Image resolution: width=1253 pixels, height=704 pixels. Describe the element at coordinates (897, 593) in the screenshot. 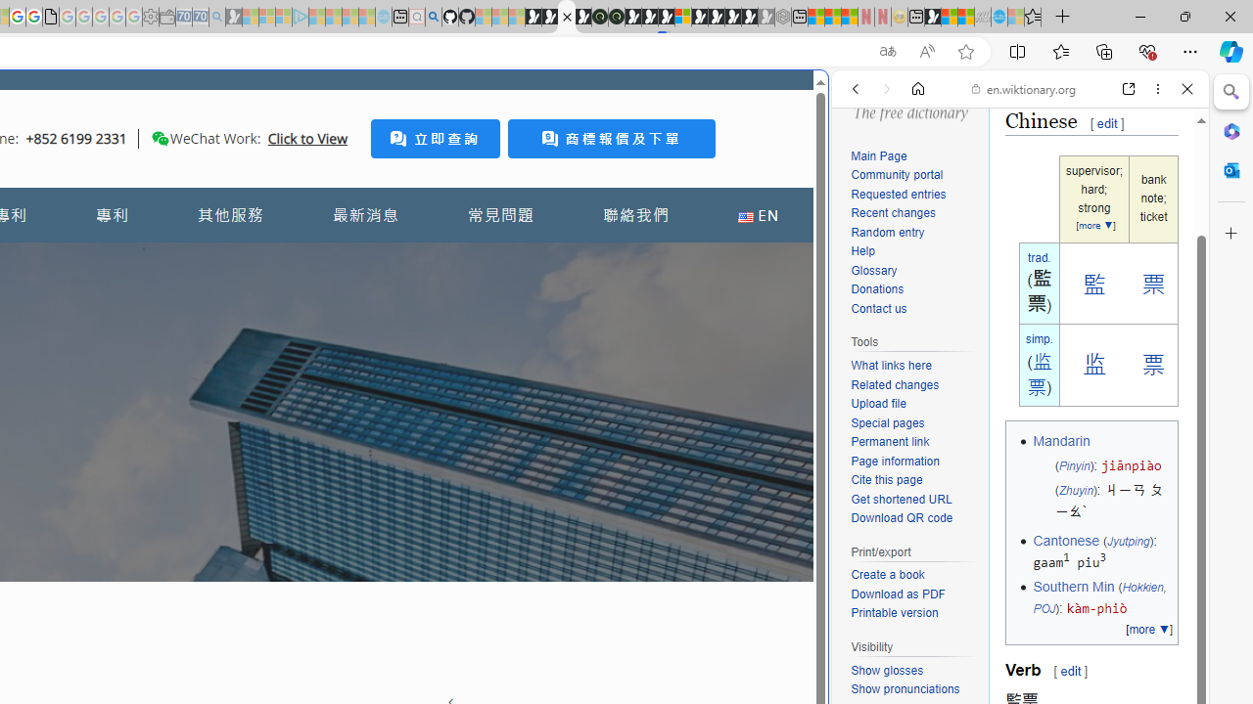

I see `'Download as PDF'` at that location.